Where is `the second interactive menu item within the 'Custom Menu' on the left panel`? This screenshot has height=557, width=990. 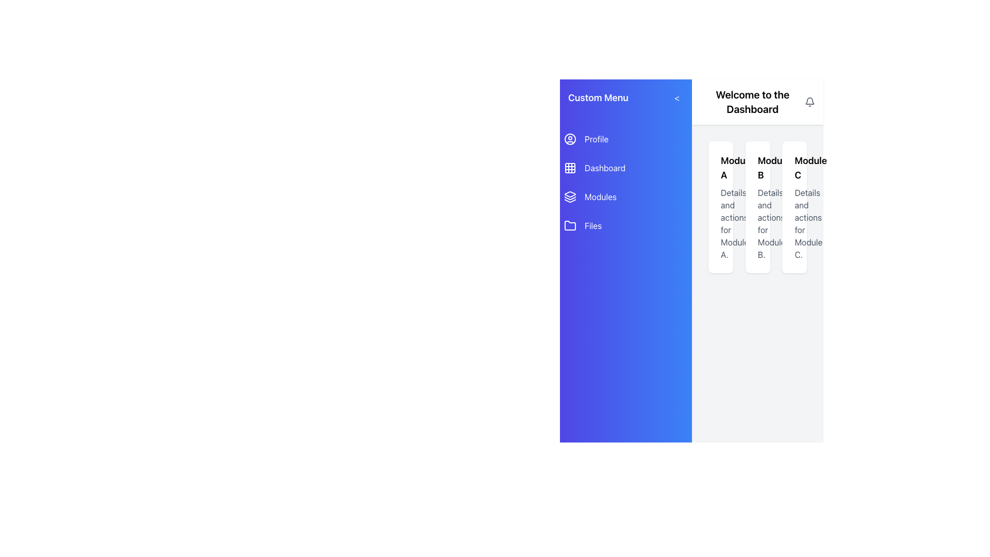
the second interactive menu item within the 'Custom Menu' on the left panel is located at coordinates (625, 182).